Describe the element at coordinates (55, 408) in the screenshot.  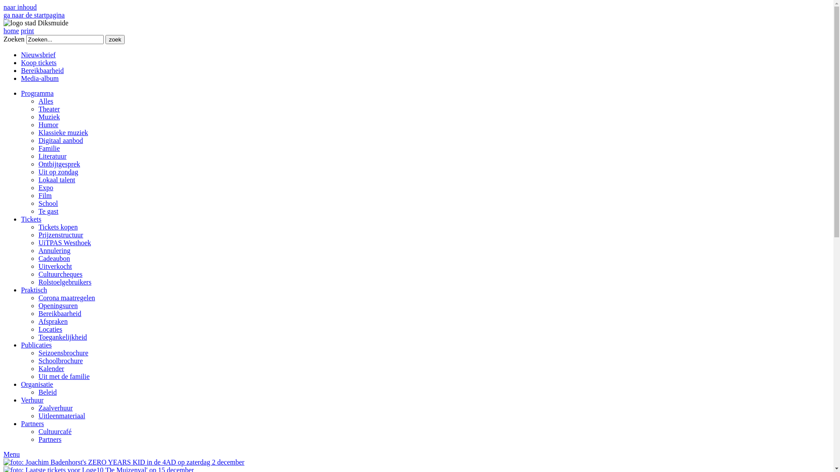
I see `'Zaalverhuur'` at that location.